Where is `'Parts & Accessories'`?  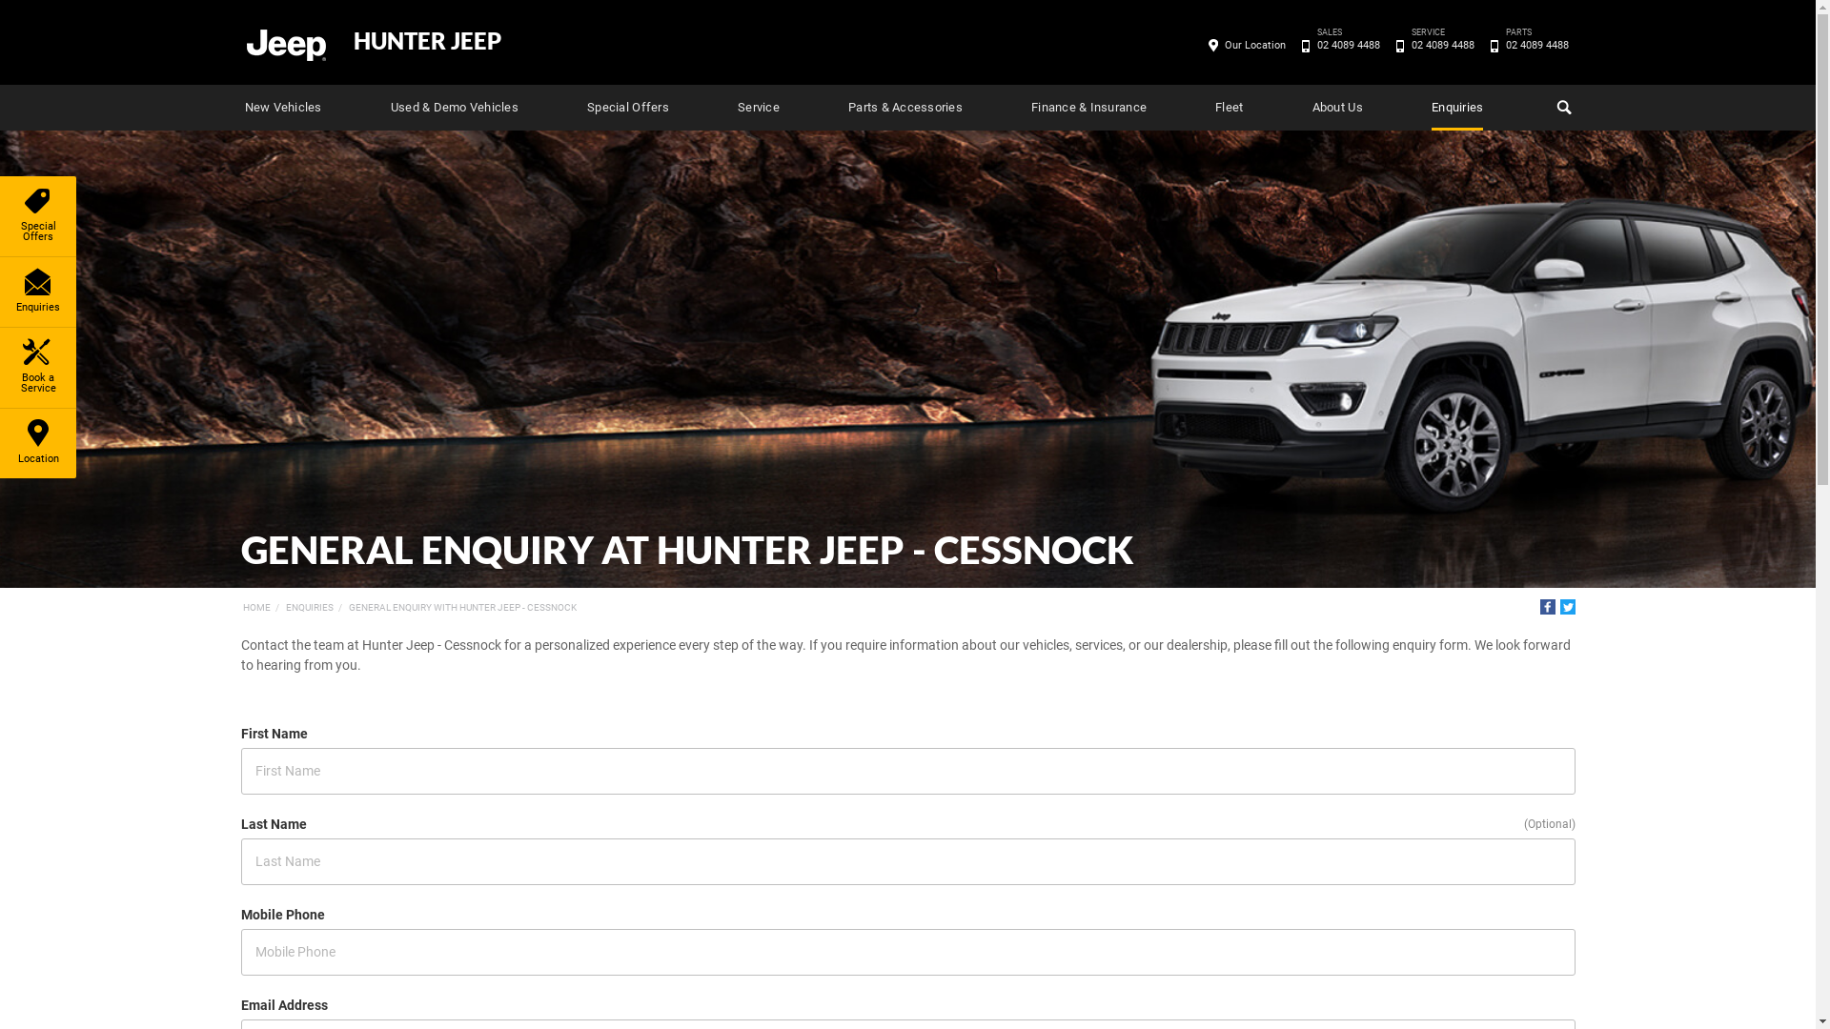
'Parts & Accessories' is located at coordinates (905, 107).